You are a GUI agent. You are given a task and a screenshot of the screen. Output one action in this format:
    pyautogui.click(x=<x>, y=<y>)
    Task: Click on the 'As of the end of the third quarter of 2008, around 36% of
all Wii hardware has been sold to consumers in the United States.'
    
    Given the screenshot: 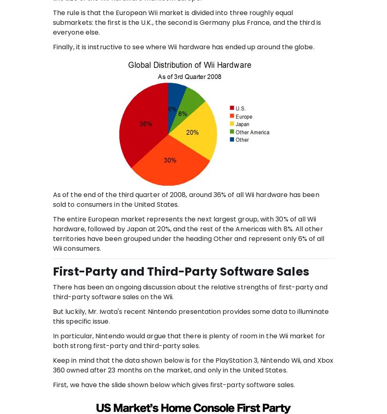 What is the action you would take?
    pyautogui.click(x=185, y=199)
    